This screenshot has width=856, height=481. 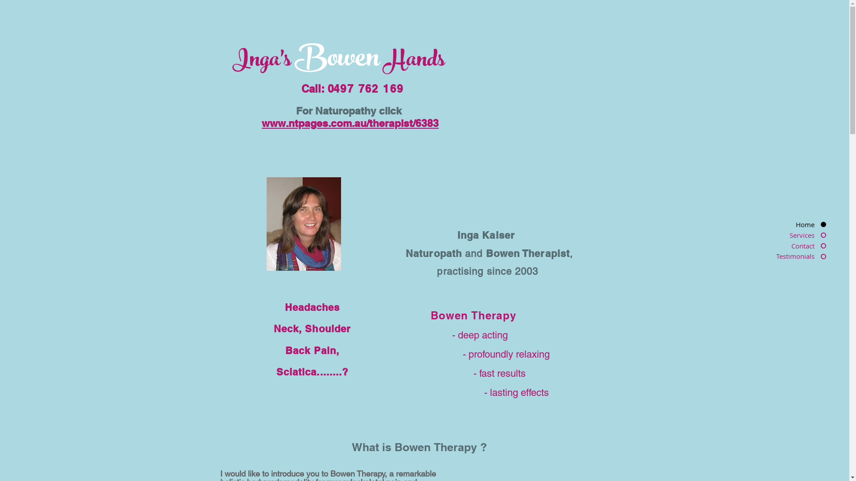 What do you see at coordinates (257, 61) in the screenshot?
I see `'Inga''` at bounding box center [257, 61].